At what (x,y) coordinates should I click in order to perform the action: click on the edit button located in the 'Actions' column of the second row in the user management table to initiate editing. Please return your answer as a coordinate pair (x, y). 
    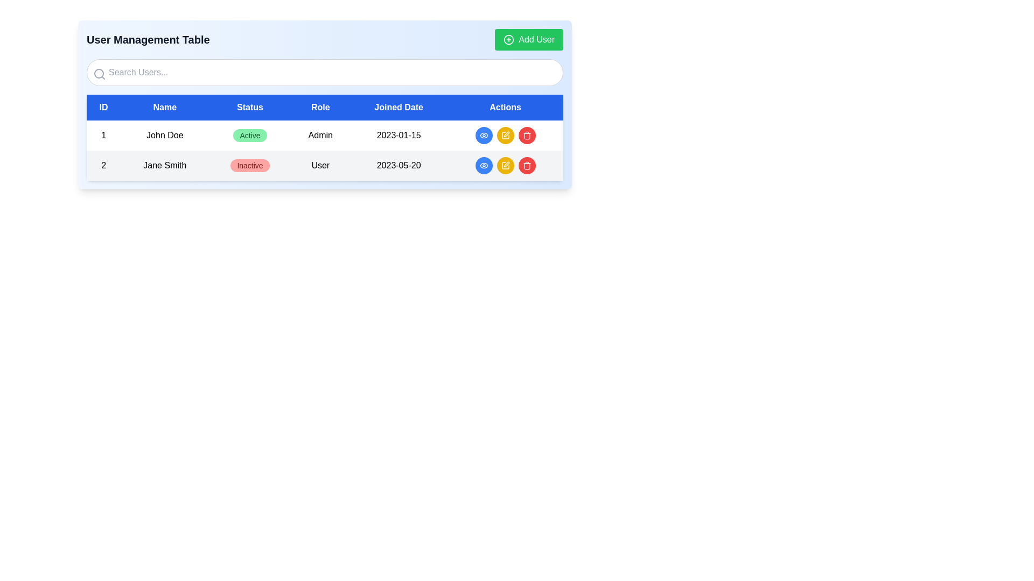
    Looking at the image, I should click on (504, 166).